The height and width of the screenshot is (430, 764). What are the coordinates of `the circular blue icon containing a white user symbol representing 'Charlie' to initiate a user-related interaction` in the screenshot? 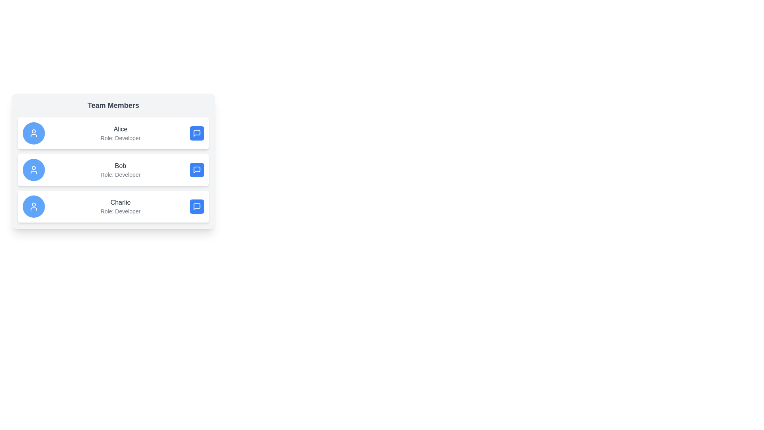 It's located at (33, 206).